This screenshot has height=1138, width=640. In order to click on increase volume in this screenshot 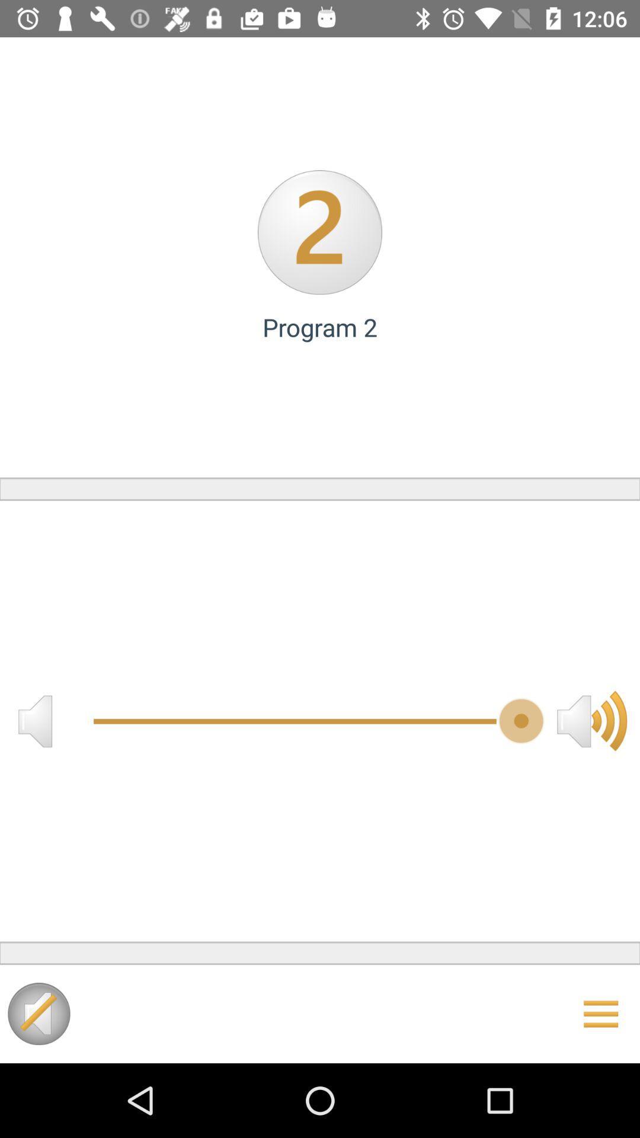, I will do `click(592, 720)`.